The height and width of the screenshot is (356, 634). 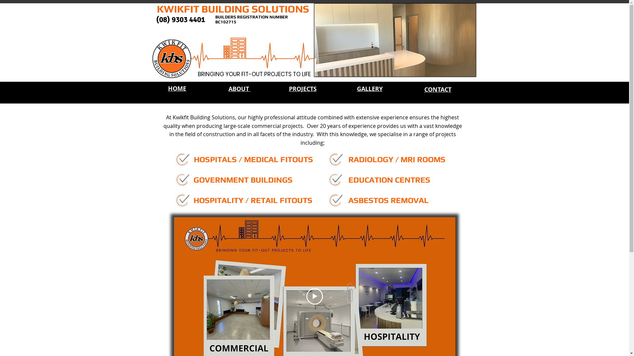 What do you see at coordinates (172, 58) in the screenshot?
I see `'kbs logo'` at bounding box center [172, 58].